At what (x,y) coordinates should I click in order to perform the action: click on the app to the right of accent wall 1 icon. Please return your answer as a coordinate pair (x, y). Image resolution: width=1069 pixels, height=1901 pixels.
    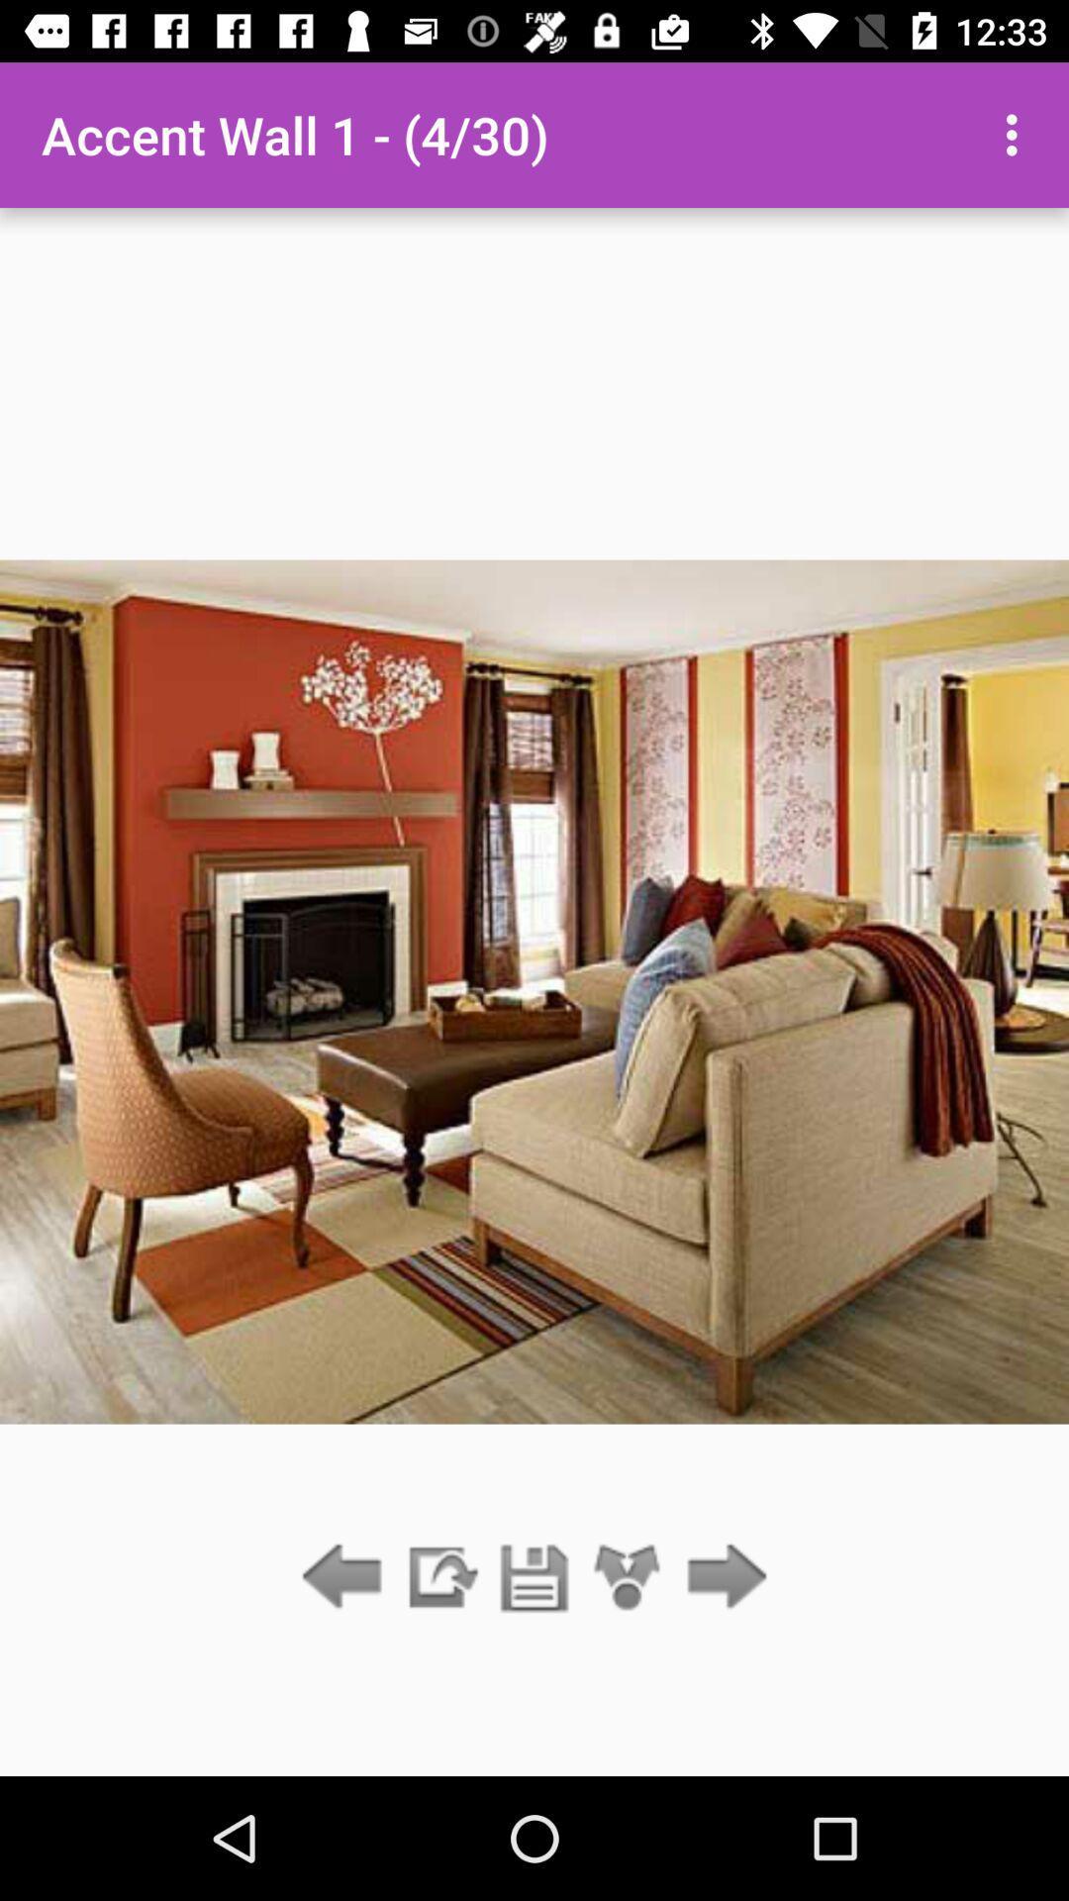
    Looking at the image, I should click on (1017, 134).